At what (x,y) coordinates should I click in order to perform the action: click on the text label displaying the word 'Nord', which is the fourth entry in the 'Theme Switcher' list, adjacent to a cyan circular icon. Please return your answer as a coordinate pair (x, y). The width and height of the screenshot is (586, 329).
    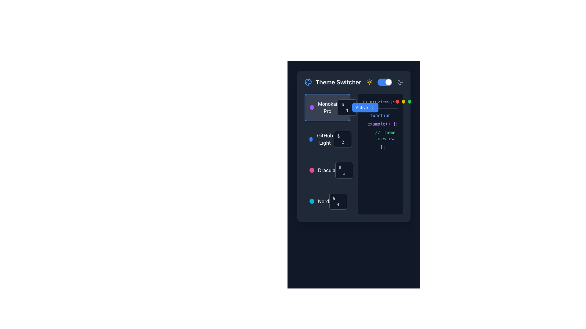
    Looking at the image, I should click on (323, 201).